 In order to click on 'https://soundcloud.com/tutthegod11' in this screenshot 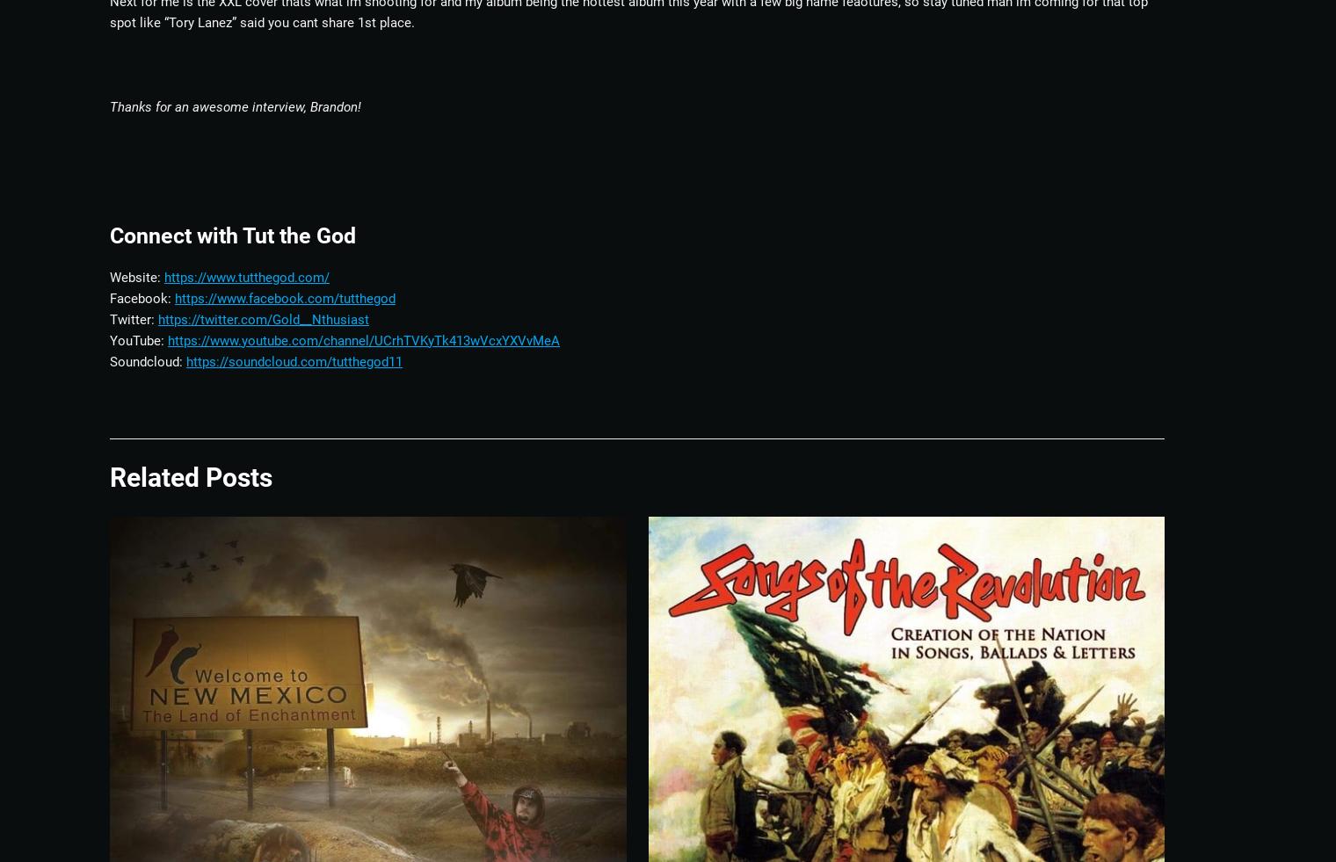, I will do `click(294, 360)`.